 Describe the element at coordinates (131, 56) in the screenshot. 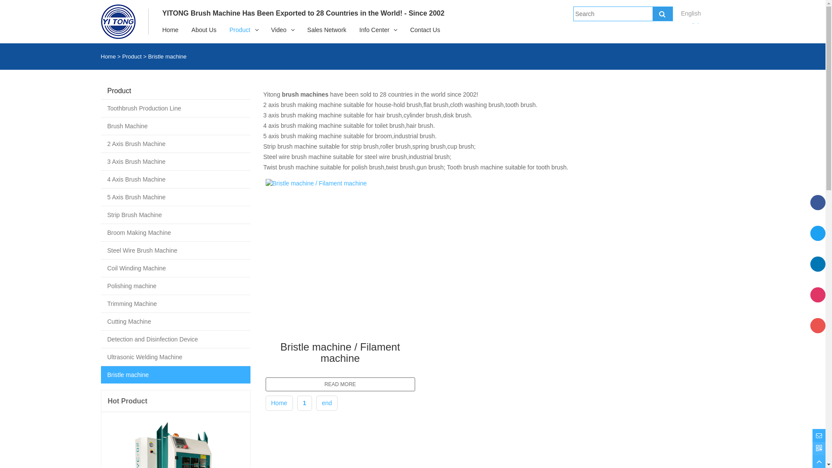

I see `'Product'` at that location.